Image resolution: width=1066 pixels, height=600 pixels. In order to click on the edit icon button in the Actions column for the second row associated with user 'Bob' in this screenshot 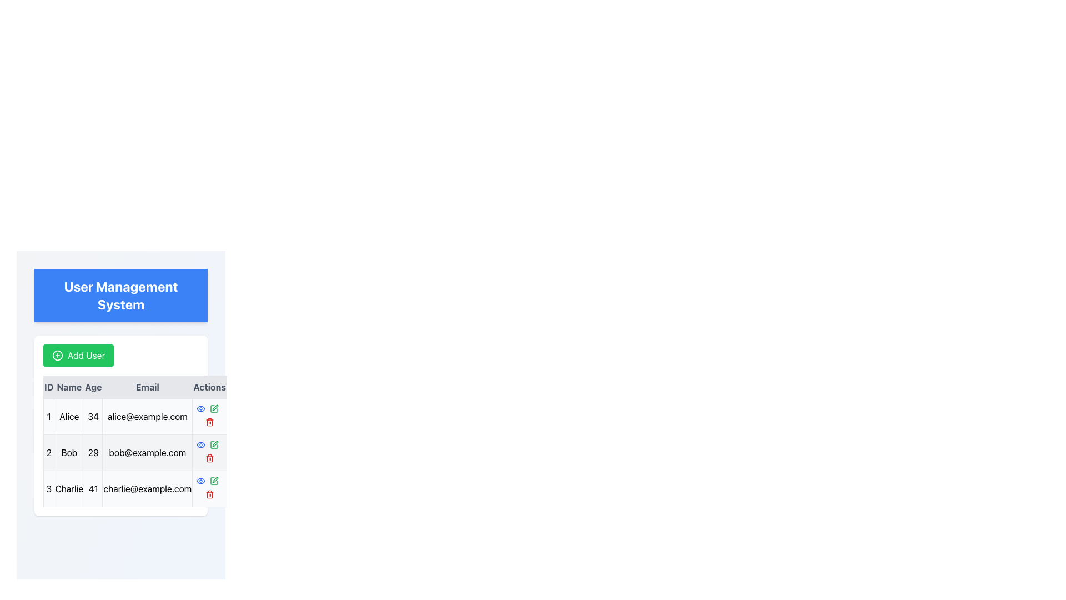, I will do `click(214, 409)`.